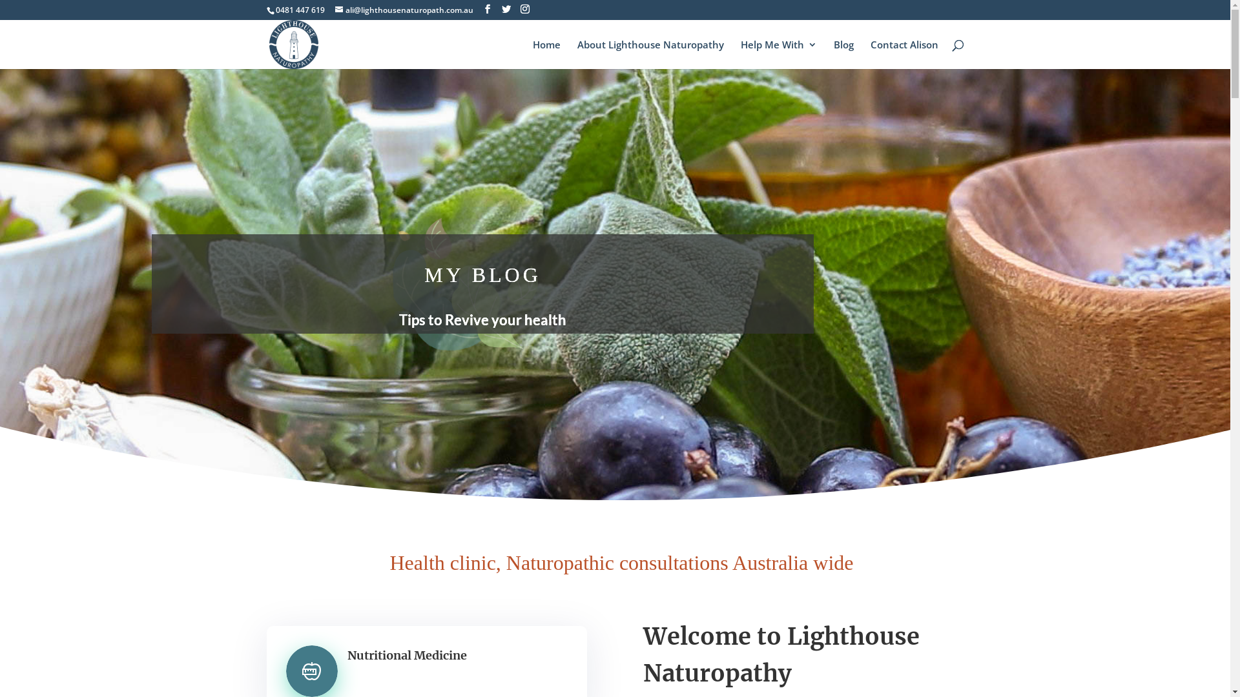  Describe the element at coordinates (650, 54) in the screenshot. I see `'About Lighthouse Naturopathy'` at that location.